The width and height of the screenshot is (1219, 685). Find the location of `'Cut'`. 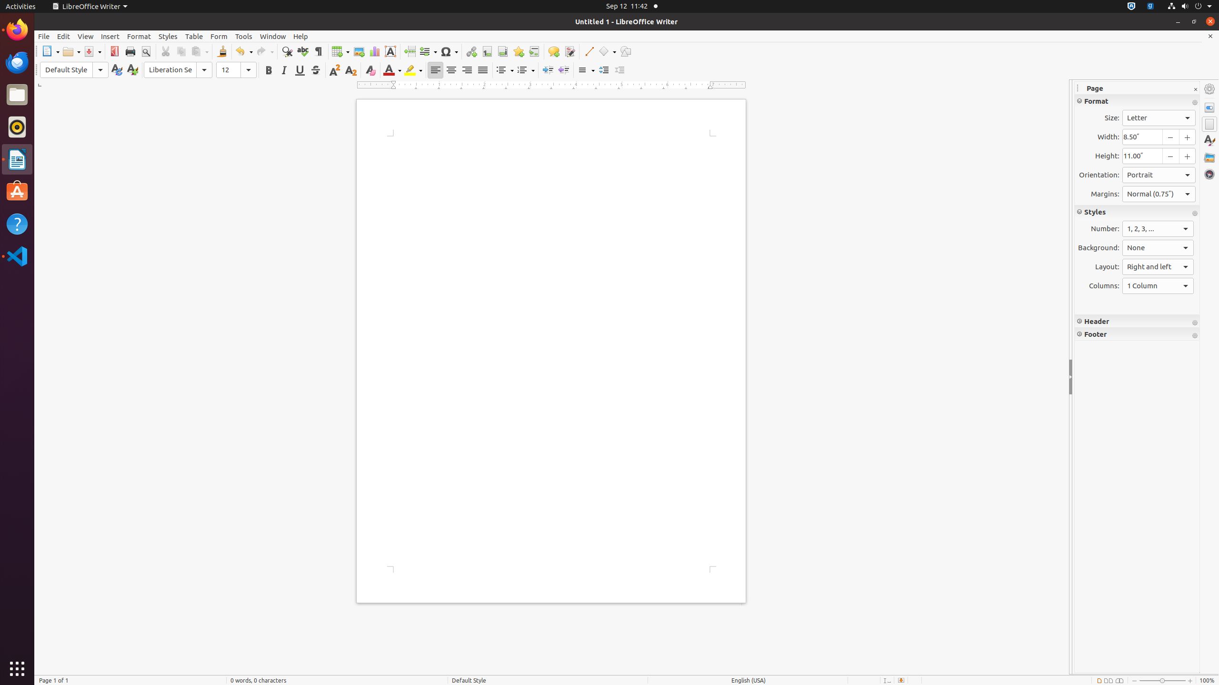

'Cut' is located at coordinates (165, 51).